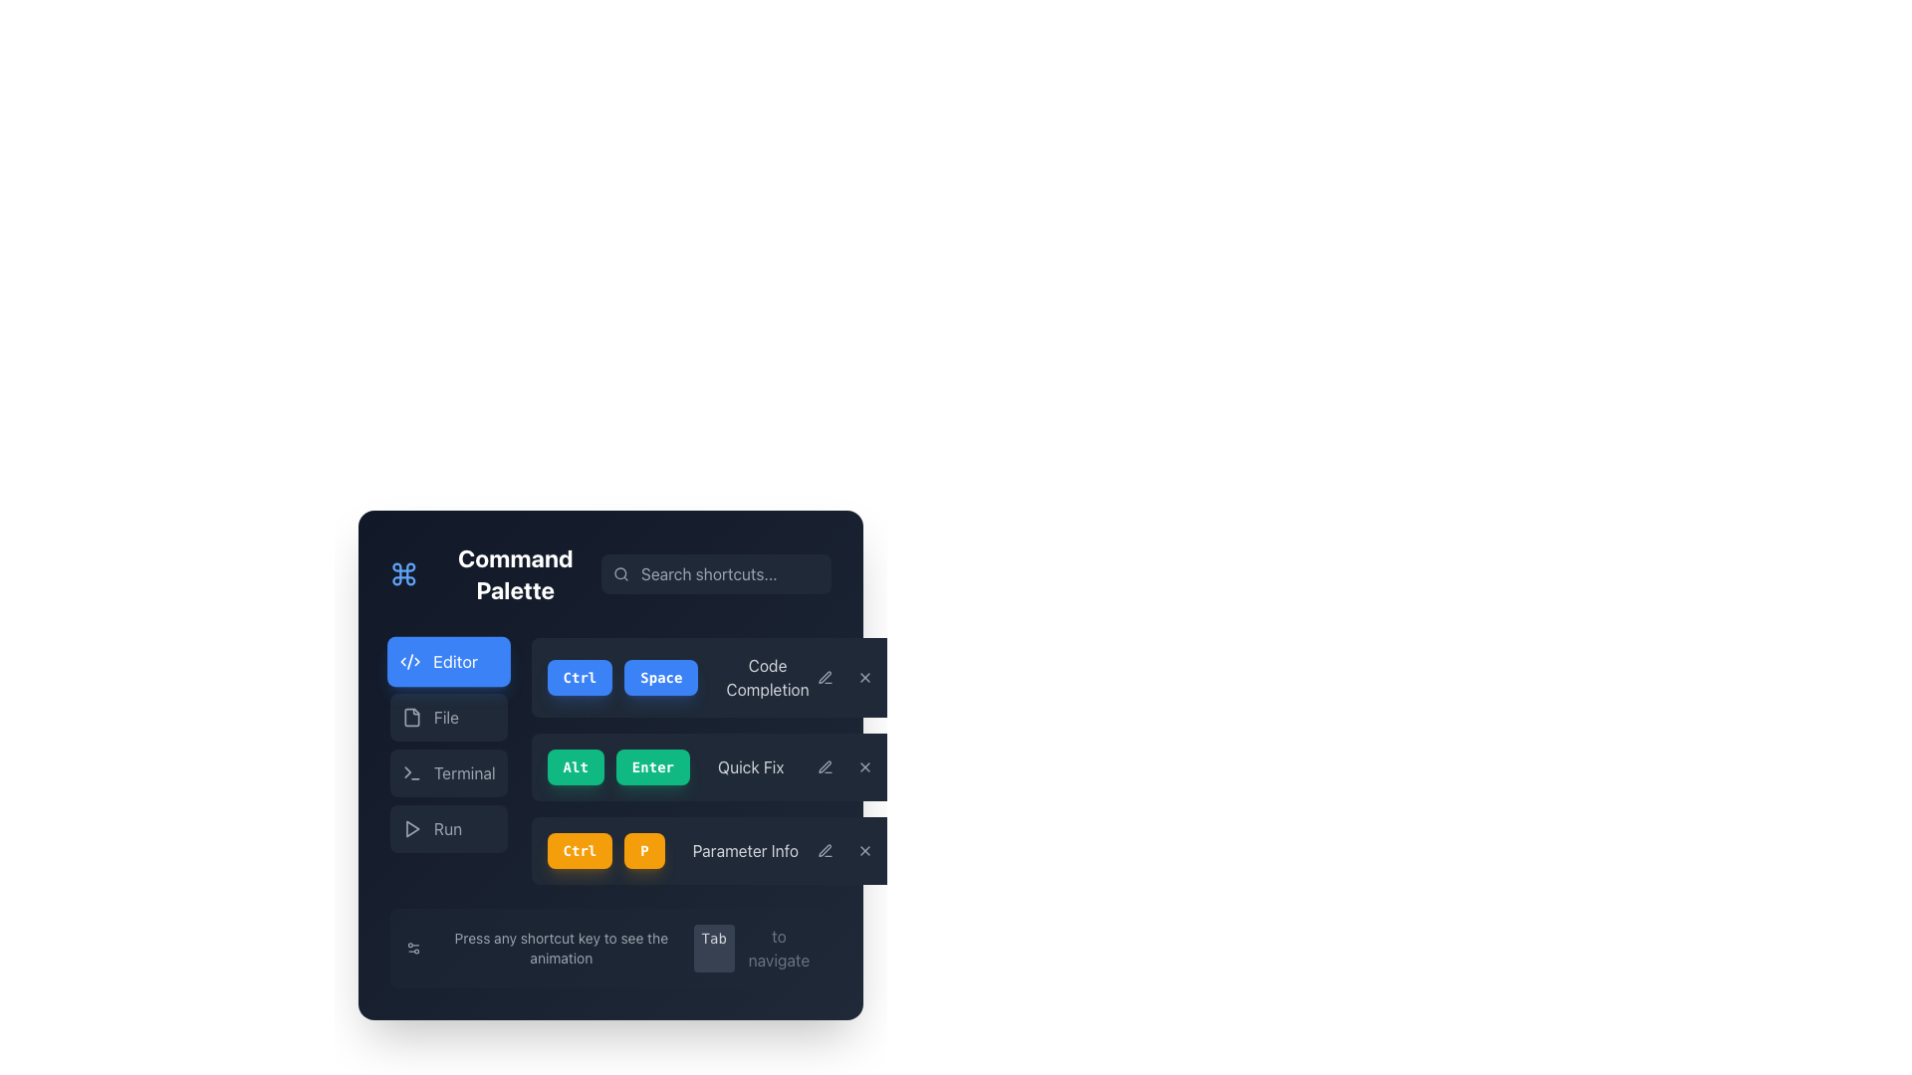 This screenshot has width=1912, height=1075. Describe the element at coordinates (778, 947) in the screenshot. I see `the static text label located at the bottom-right corner of the 'Press any shortcut key` at that location.